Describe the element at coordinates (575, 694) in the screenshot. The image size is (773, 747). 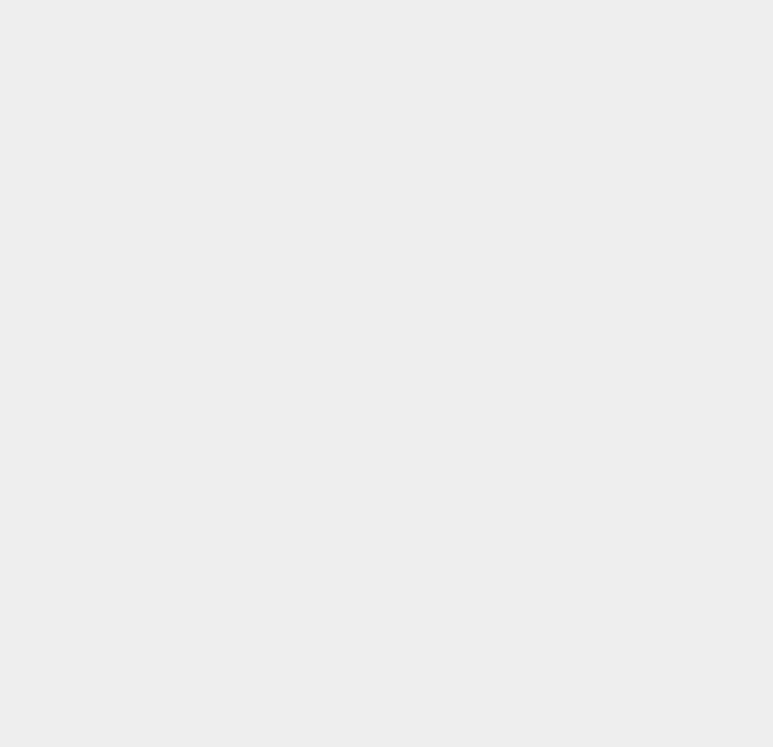
I see `'Visual Studio'` at that location.